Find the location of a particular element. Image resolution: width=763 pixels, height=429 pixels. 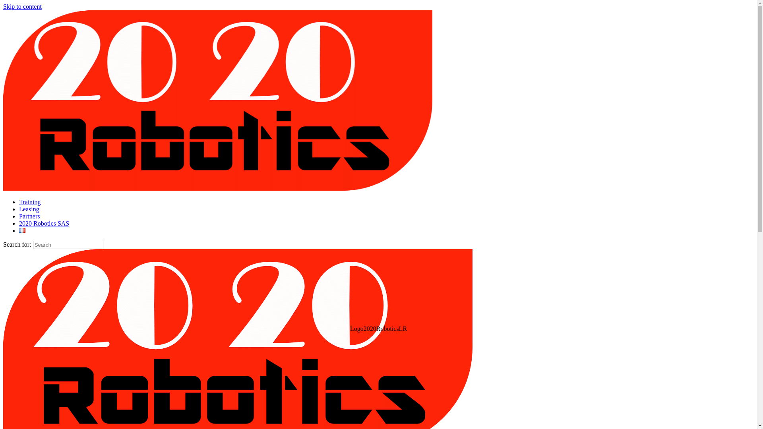

'2020 Robotics' is located at coordinates (217, 188).